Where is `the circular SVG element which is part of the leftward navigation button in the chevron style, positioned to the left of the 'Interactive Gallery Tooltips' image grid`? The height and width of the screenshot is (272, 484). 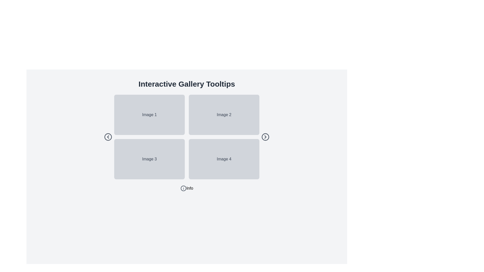 the circular SVG element which is part of the leftward navigation button in the chevron style, positioned to the left of the 'Interactive Gallery Tooltips' image grid is located at coordinates (108, 137).